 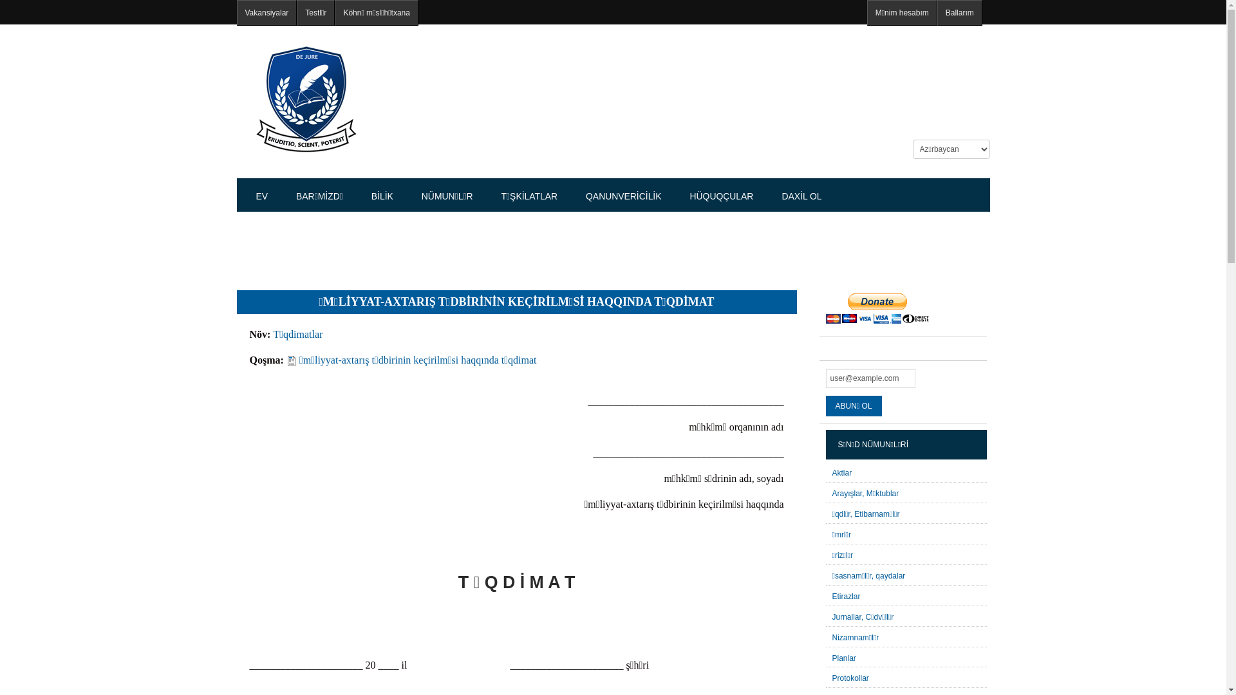 What do you see at coordinates (846, 596) in the screenshot?
I see `'Etirazlar'` at bounding box center [846, 596].